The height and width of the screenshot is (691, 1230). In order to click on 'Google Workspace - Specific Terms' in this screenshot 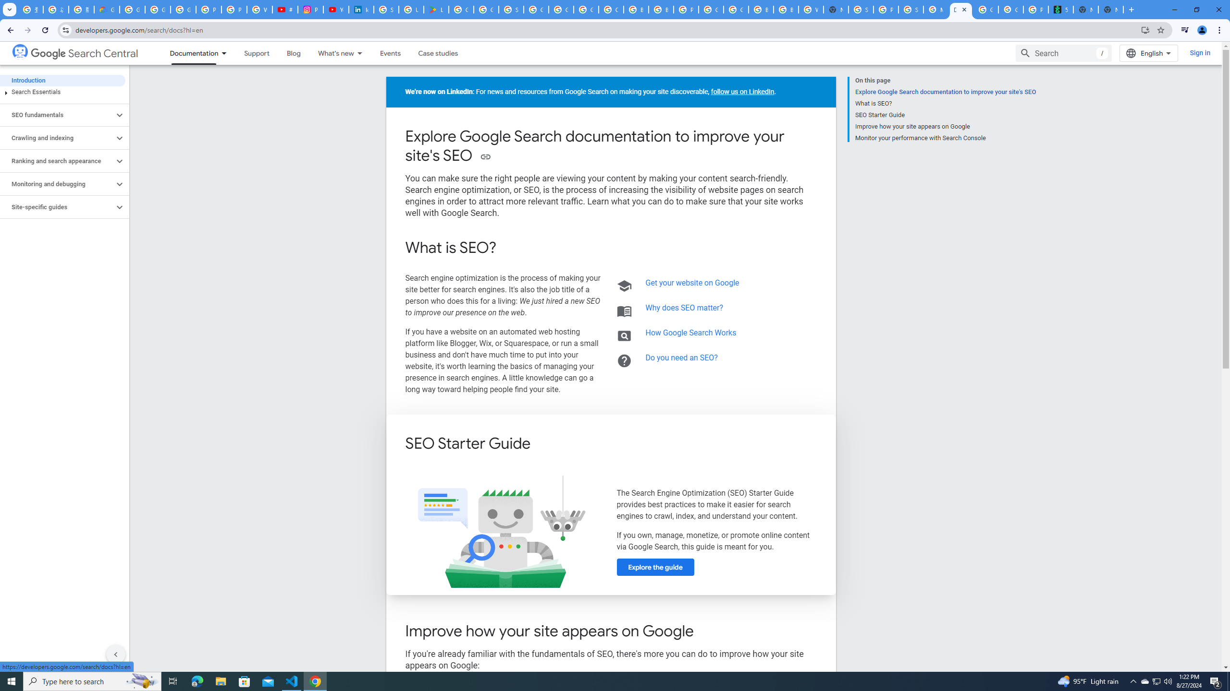, I will do `click(486, 9)`.